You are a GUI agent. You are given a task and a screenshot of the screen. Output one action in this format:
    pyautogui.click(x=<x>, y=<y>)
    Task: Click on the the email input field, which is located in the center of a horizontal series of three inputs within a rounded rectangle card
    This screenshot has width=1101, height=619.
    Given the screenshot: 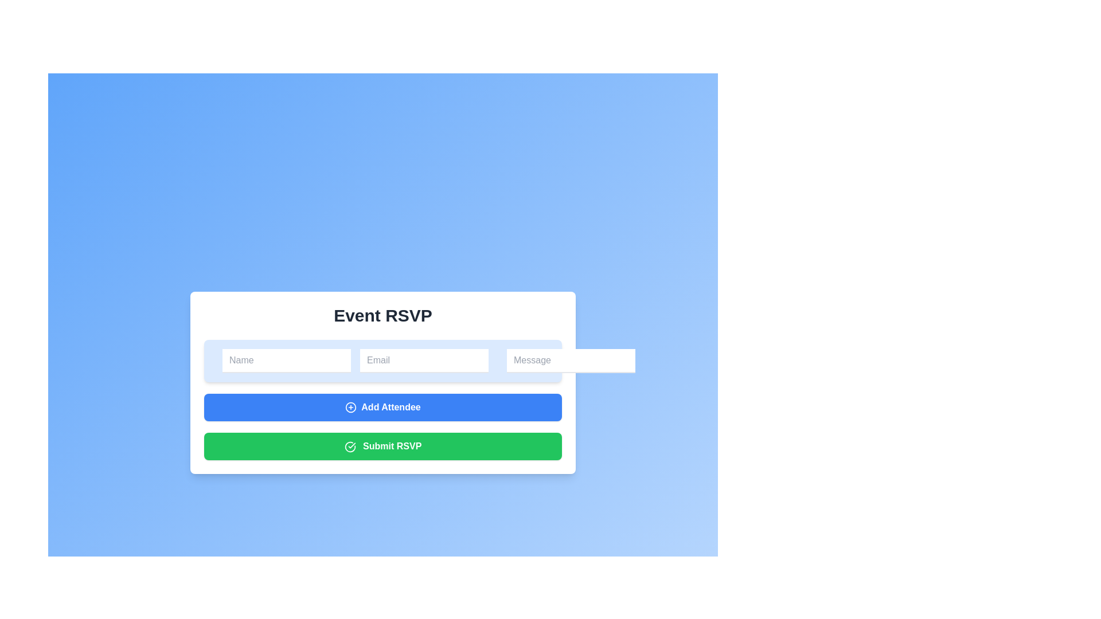 What is the action you would take?
    pyautogui.click(x=423, y=360)
    